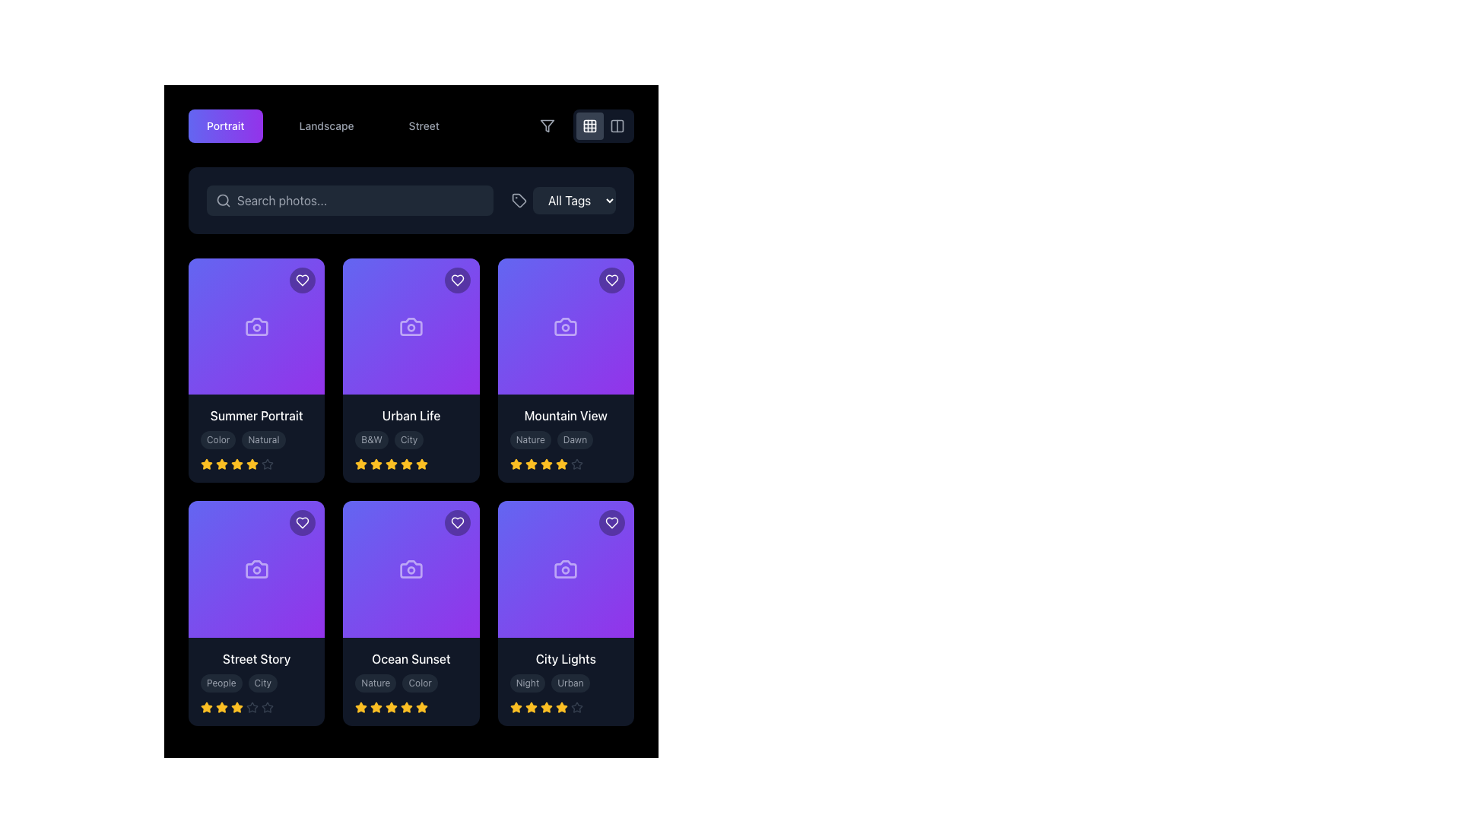 This screenshot has width=1460, height=821. Describe the element at coordinates (411, 707) in the screenshot. I see `the Rating Component consisting of five amber star icons, indicating a 4.5 out of 5 rating, located at the bottom of the 'Ocean Sunset' card` at that location.